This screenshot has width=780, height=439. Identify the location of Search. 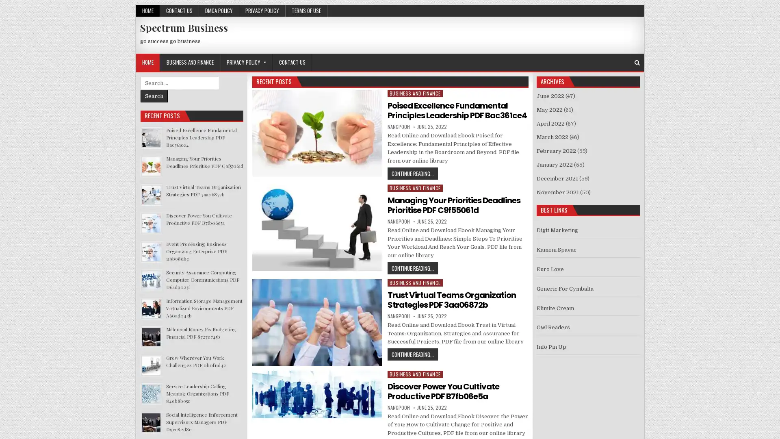
(154, 96).